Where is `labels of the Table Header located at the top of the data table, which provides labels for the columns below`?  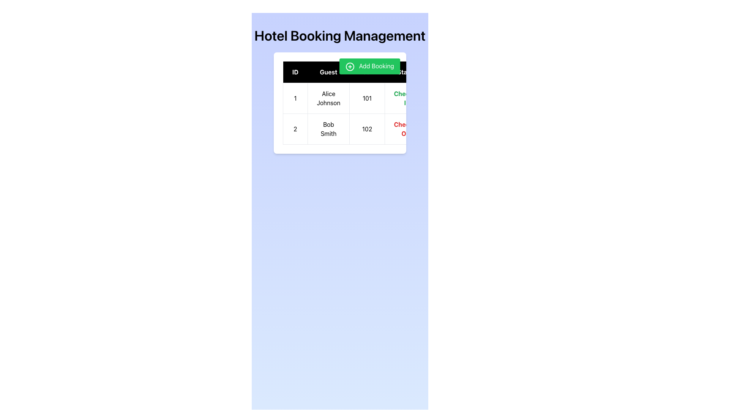
labels of the Table Header located at the top of the data table, which provides labels for the columns below is located at coordinates (377, 72).